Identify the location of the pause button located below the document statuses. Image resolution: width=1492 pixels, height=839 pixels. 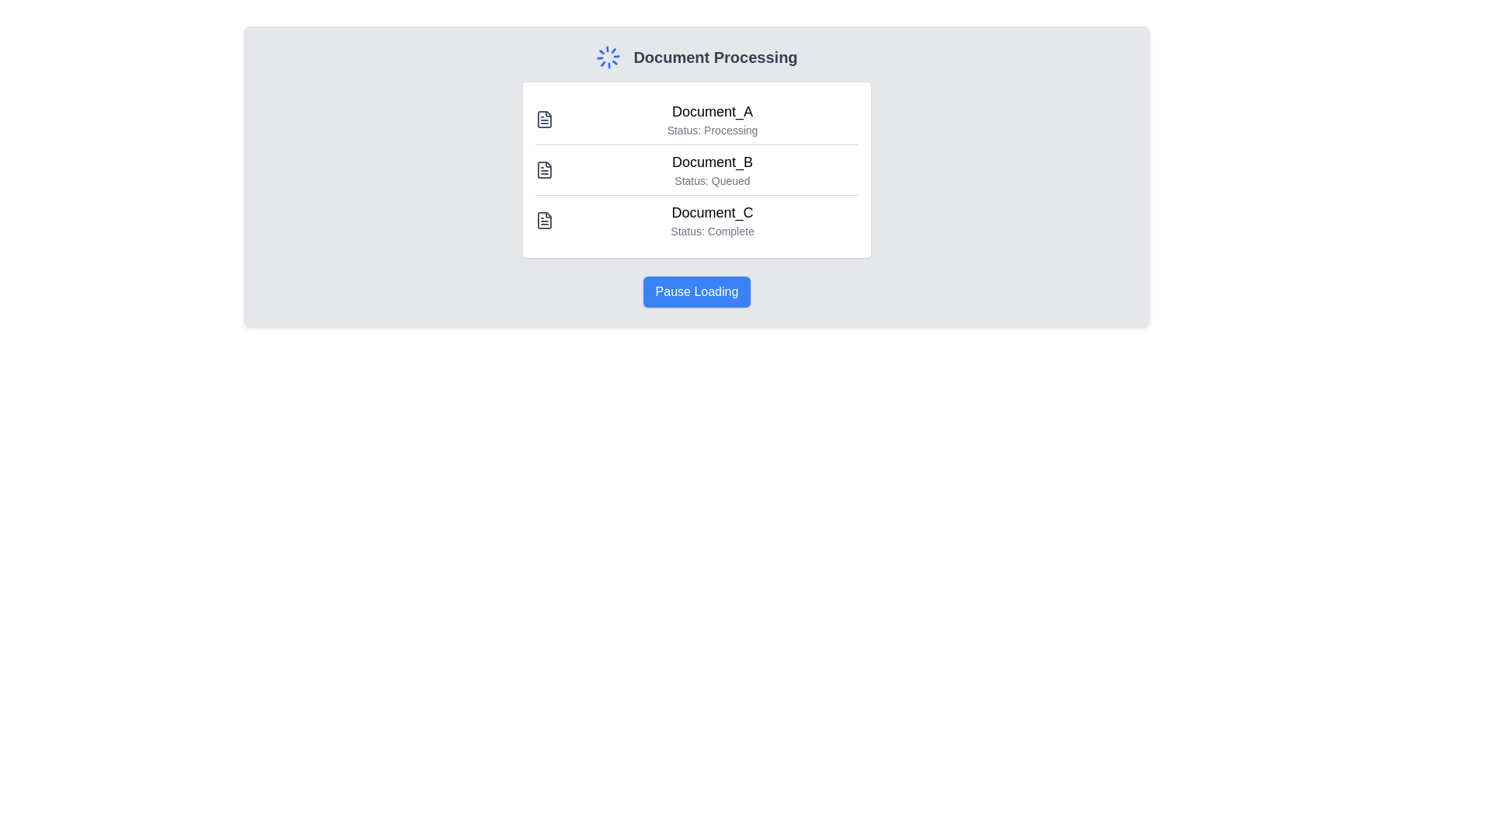
(696, 291).